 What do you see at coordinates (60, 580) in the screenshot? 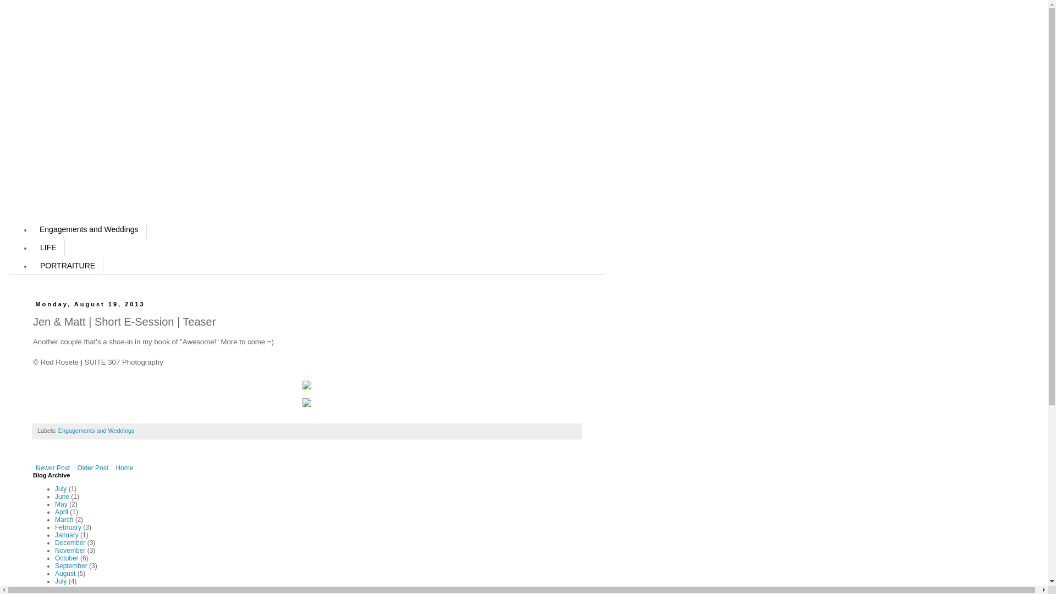
I see `'July'` at bounding box center [60, 580].